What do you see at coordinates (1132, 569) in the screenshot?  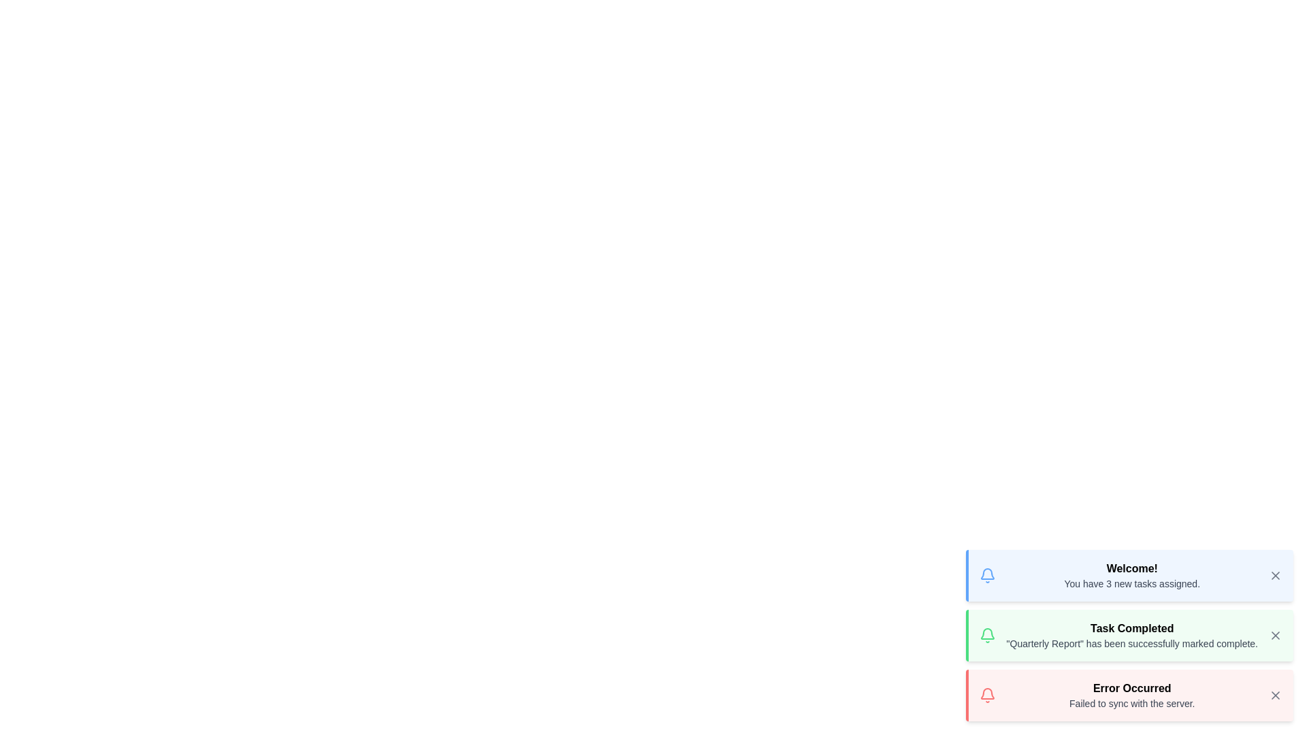 I see `text 'Welcome!' from the bold header in the upper right notification box` at bounding box center [1132, 569].